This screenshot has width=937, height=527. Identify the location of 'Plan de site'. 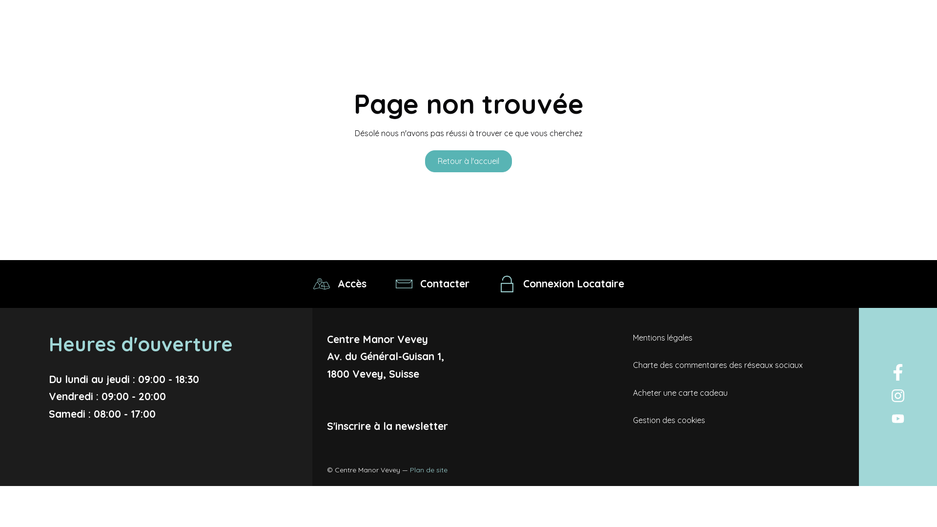
(428, 469).